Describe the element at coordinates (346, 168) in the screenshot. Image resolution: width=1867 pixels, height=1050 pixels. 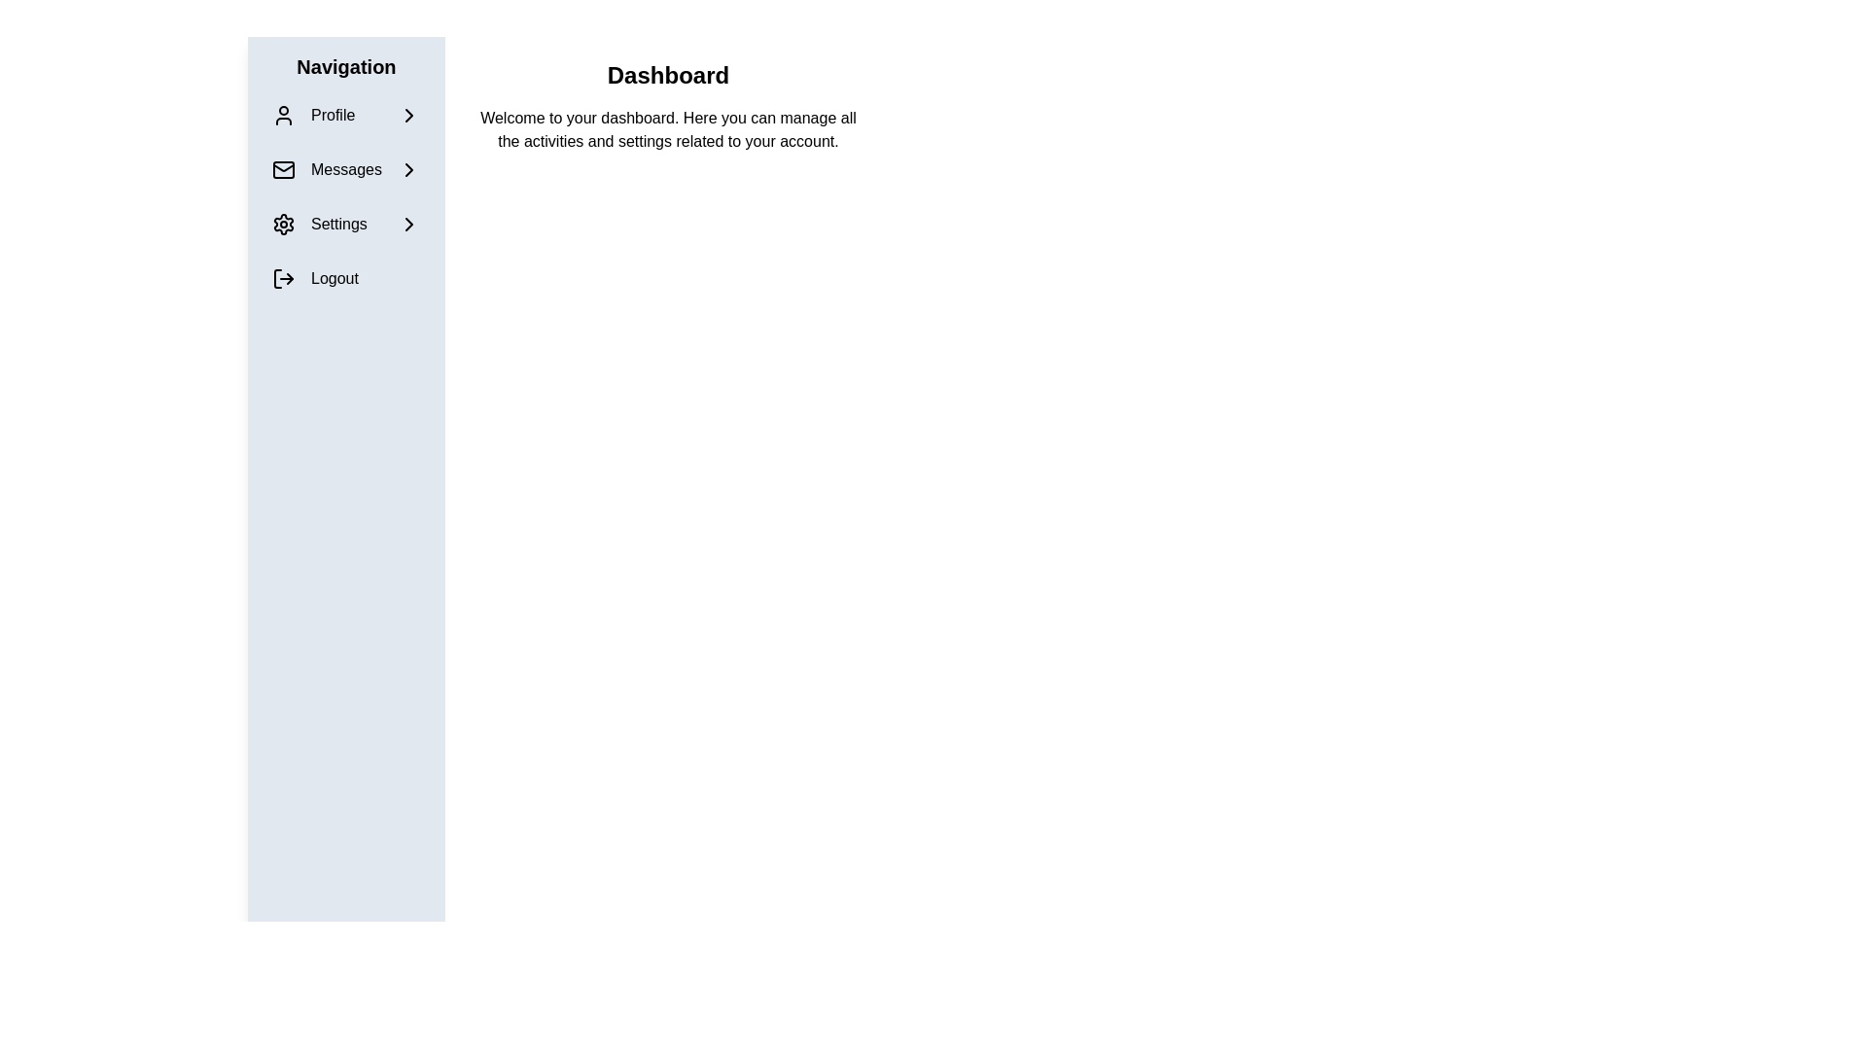
I see `the 'Messages' menu option, which is the second item in the navigation menu, located below 'Profile' and above 'Settings', featuring an envelope icon and aligned text` at that location.